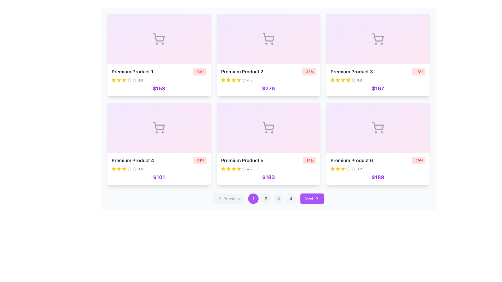  I want to click on price information displayed as '$158' in bold and purple color, located centrally beneath the product title and rating components within the product card for 'Premium Product 1', so click(159, 88).